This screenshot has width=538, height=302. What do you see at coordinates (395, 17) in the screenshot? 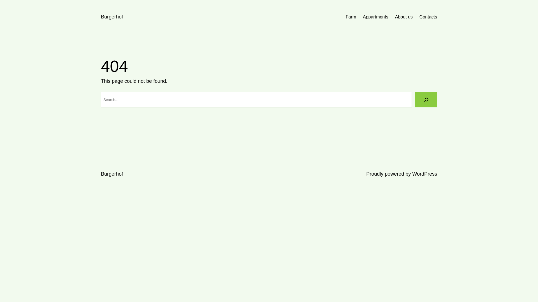
I see `'About us'` at bounding box center [395, 17].